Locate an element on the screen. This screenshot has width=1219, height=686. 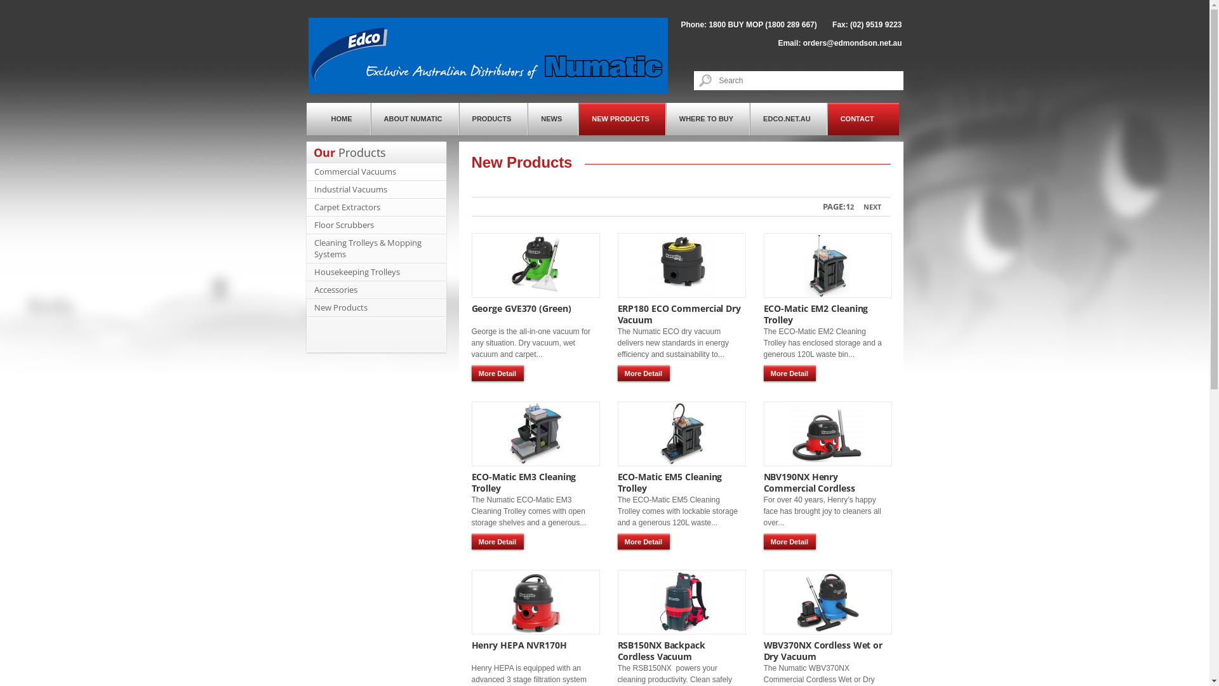
'CONTACT' is located at coordinates (863, 119).